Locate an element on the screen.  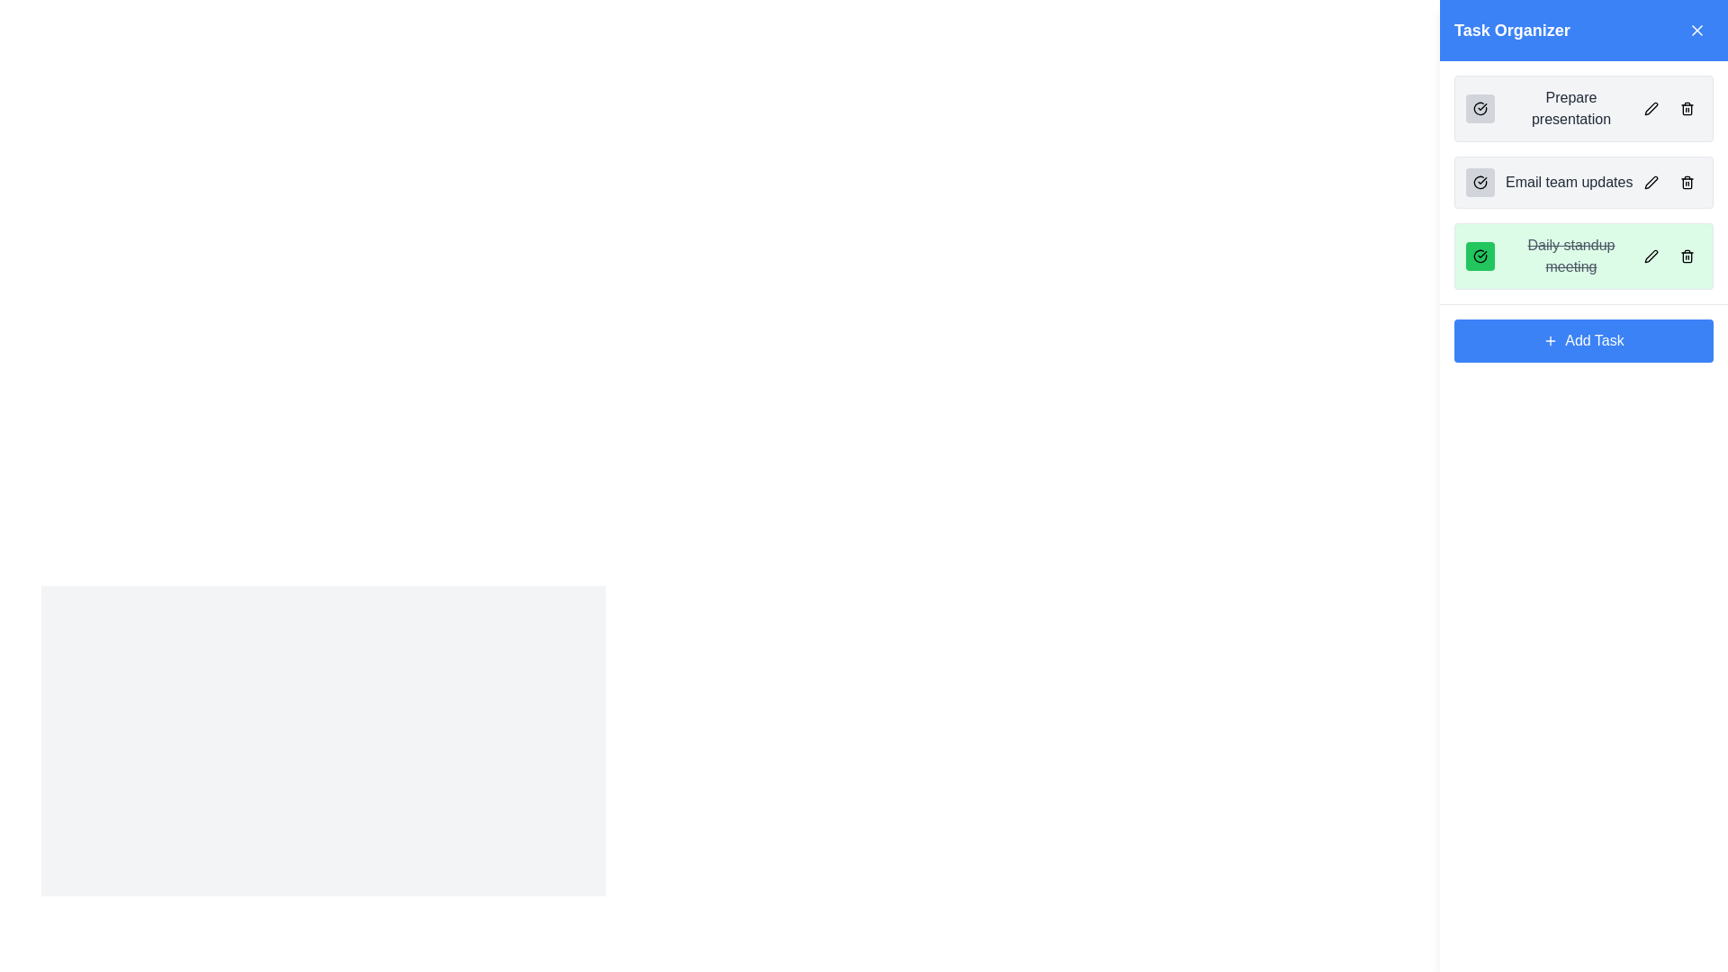
the circular icon with a checkmark inside, which is part of the green background indicating the completed status for the 'Daily standup meeting' task is located at coordinates (1480, 256).